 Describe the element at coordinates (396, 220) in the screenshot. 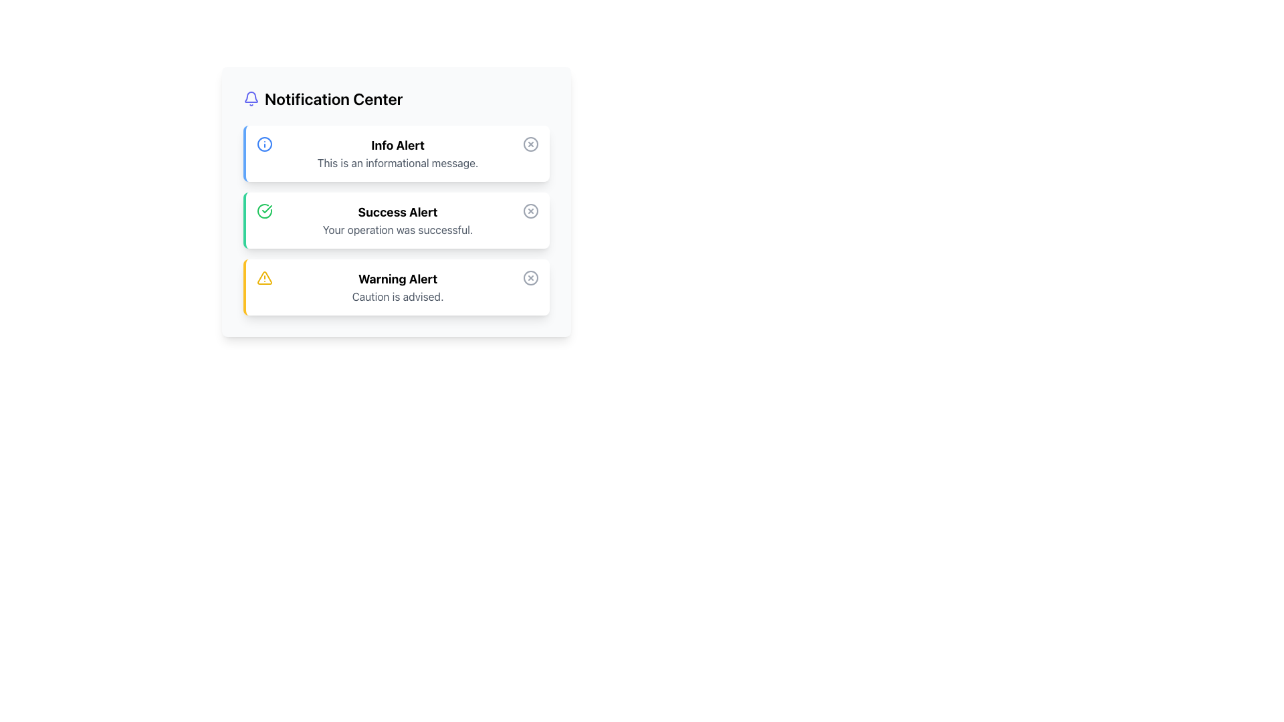

I see `the success message displayed in the second notification card located in the Notification Center, positioned below the 'Info Alert' and above the 'Warning Alert'` at that location.